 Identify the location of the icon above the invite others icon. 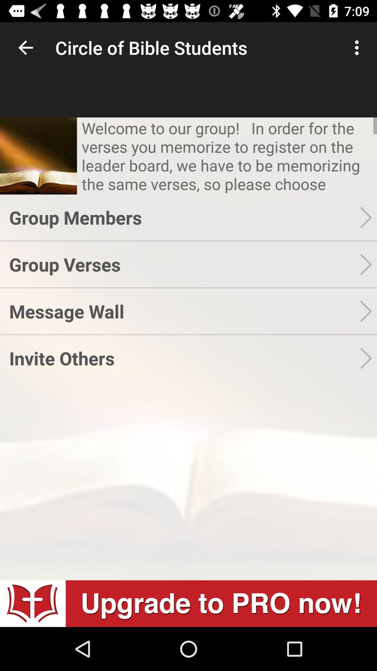
(184, 311).